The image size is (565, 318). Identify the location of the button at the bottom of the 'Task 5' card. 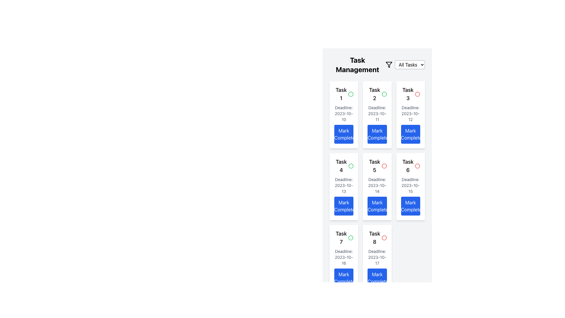
(377, 206).